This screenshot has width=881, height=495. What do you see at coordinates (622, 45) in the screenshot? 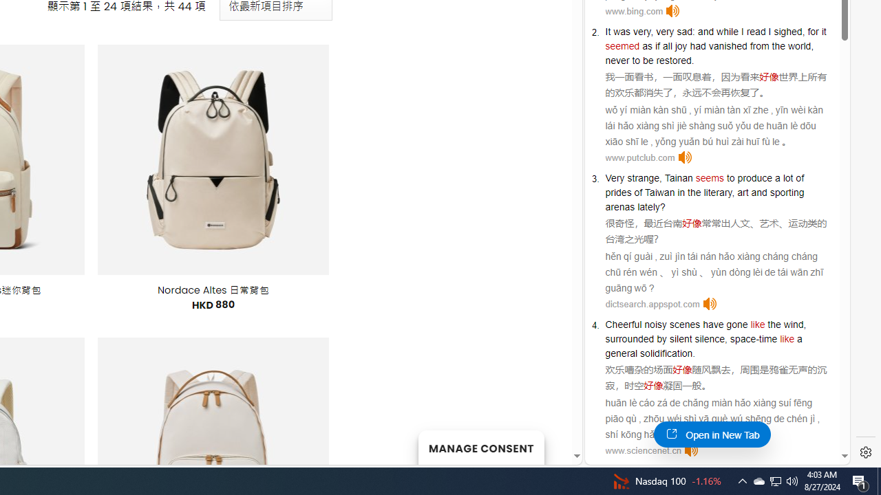
I see `'seemed'` at bounding box center [622, 45].